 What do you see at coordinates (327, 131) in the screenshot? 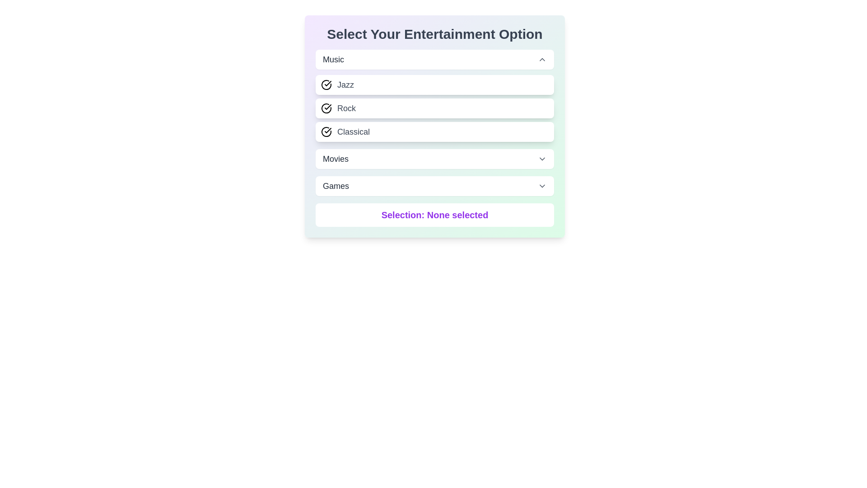
I see `the SVG checkmark icon that indicates the 'Classical' option is selected in the 'Music' dropdown menu` at bounding box center [327, 131].